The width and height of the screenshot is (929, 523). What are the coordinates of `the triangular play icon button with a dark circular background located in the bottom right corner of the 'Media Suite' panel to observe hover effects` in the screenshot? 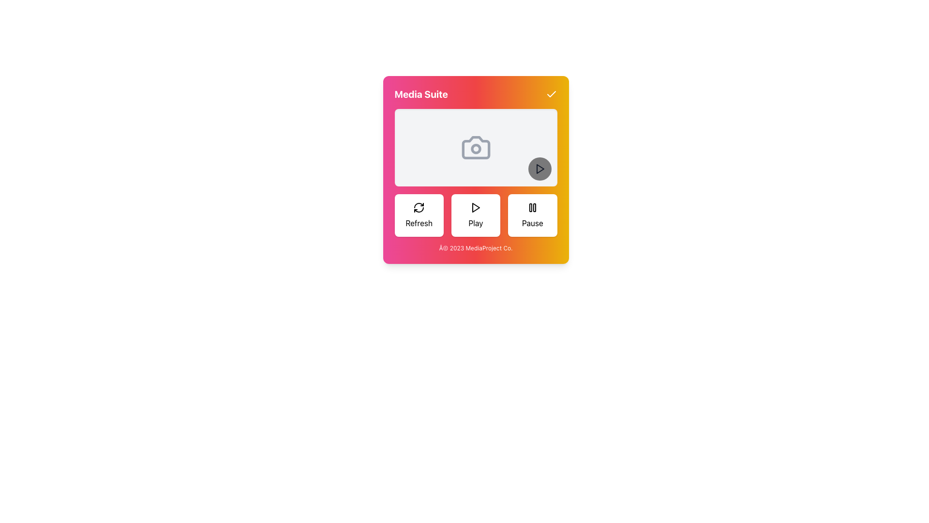 It's located at (539, 168).